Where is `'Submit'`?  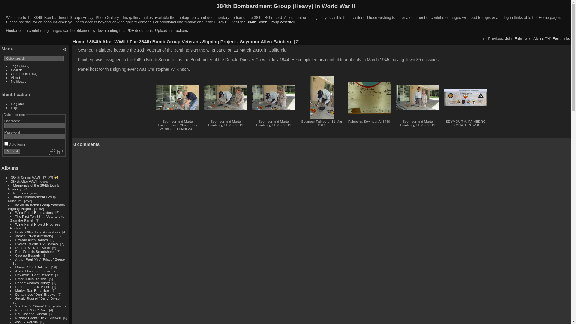 'Submit' is located at coordinates (12, 151).